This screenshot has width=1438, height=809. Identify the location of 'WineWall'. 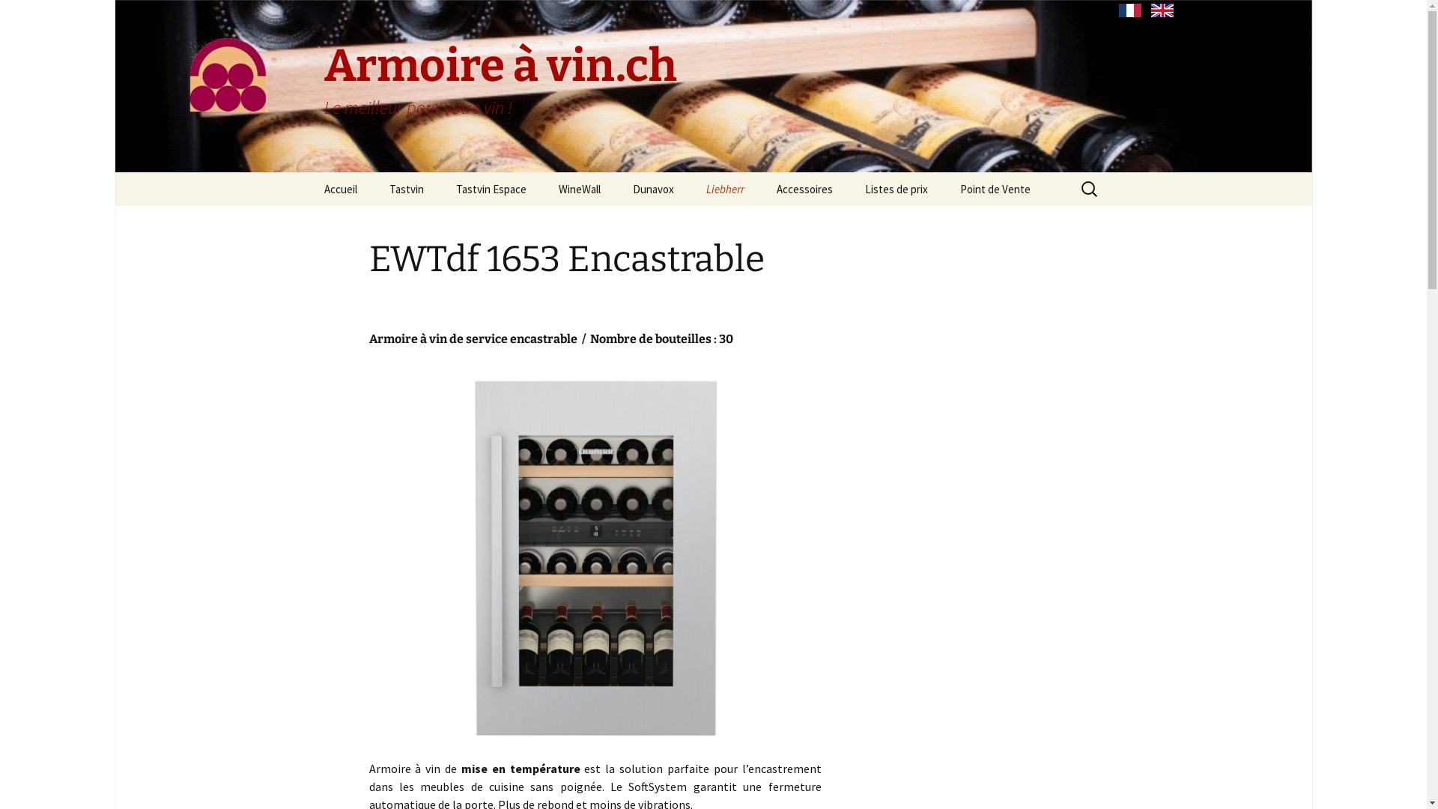
(542, 188).